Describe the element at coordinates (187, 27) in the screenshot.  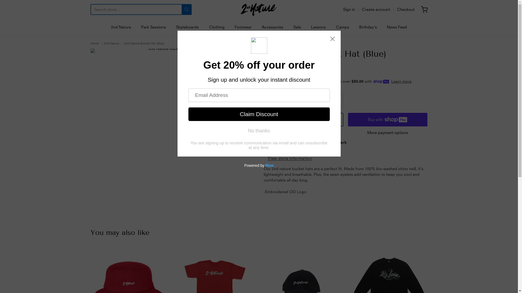
I see `'Skateboards'` at that location.